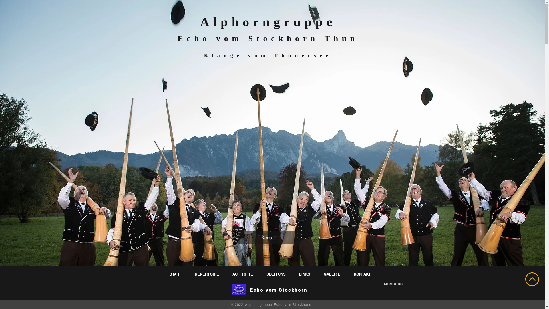  What do you see at coordinates (176, 274) in the screenshot?
I see `'START'` at bounding box center [176, 274].